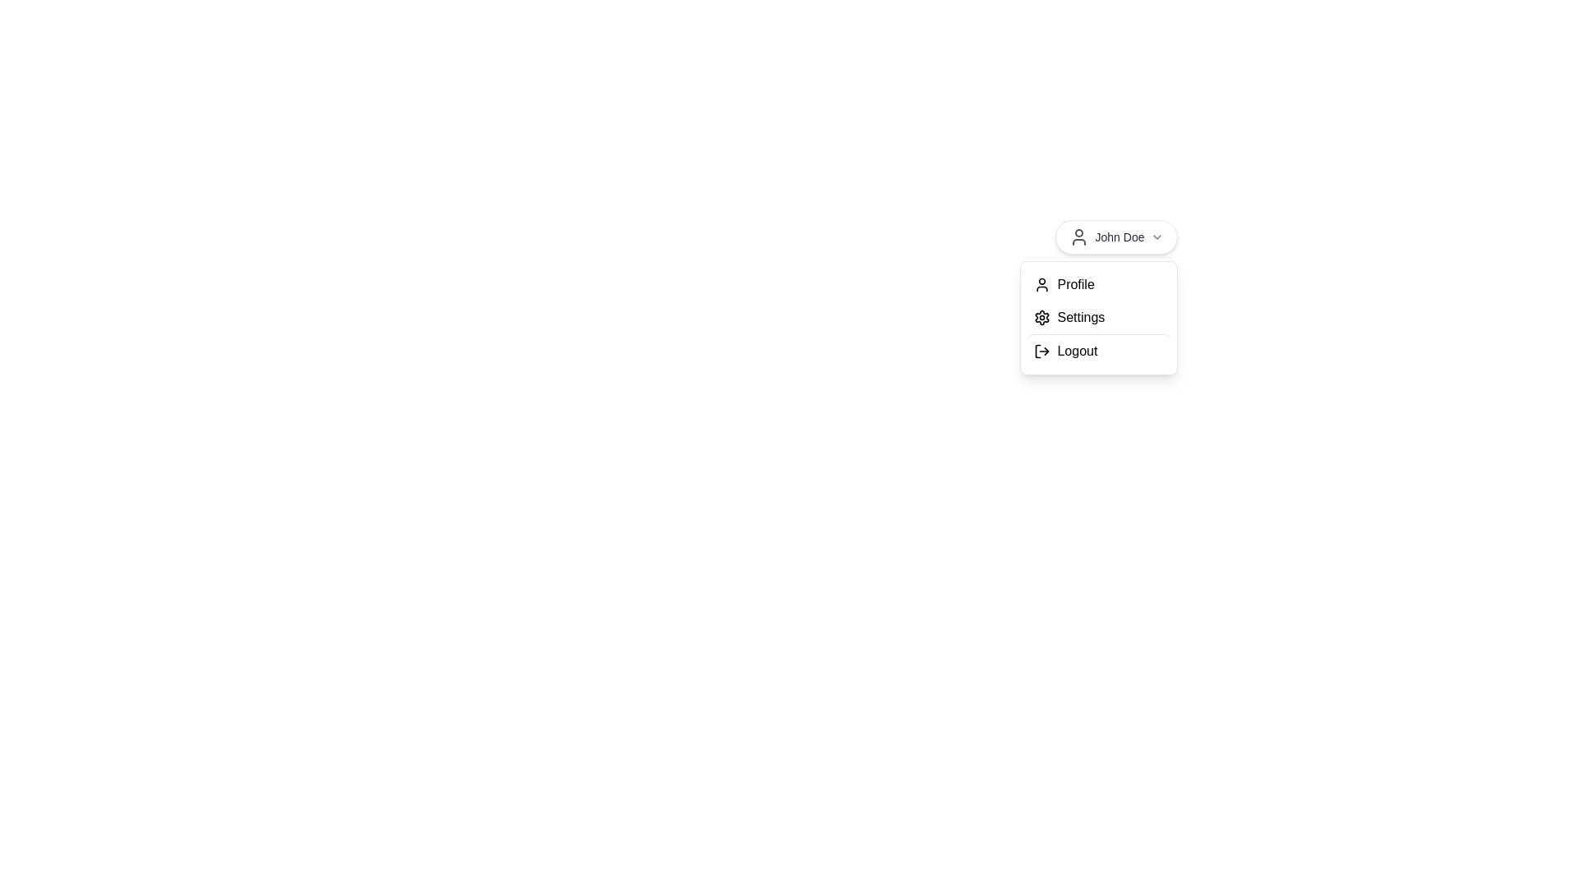  I want to click on the logout icon located at the bottom of the 'John Doe' dropdown menu, which visually indicates the logout functionality, so click(1041, 351).